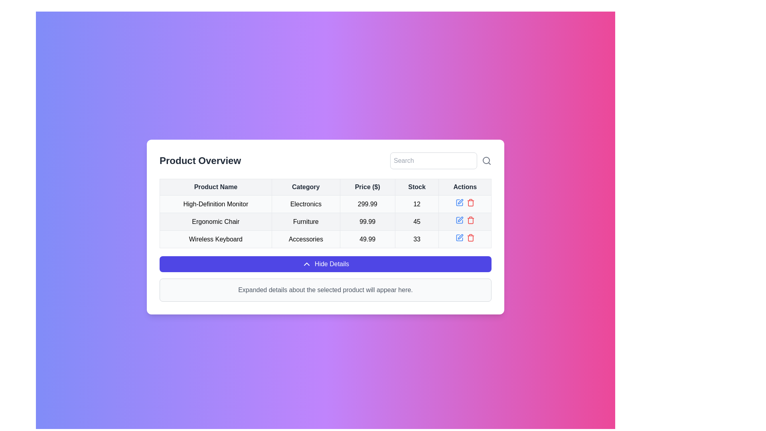  I want to click on the circular outline element of the search icon, which features a smooth, even stroke and is positioned within the larger SVG graphic, so click(486, 160).